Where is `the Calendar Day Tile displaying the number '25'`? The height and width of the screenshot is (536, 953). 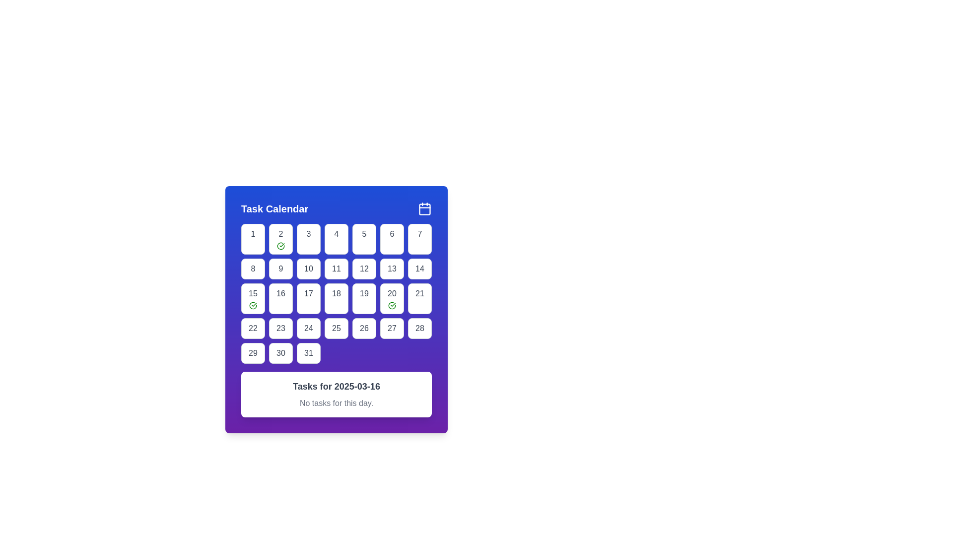
the Calendar Day Tile displaying the number '25' is located at coordinates (336, 329).